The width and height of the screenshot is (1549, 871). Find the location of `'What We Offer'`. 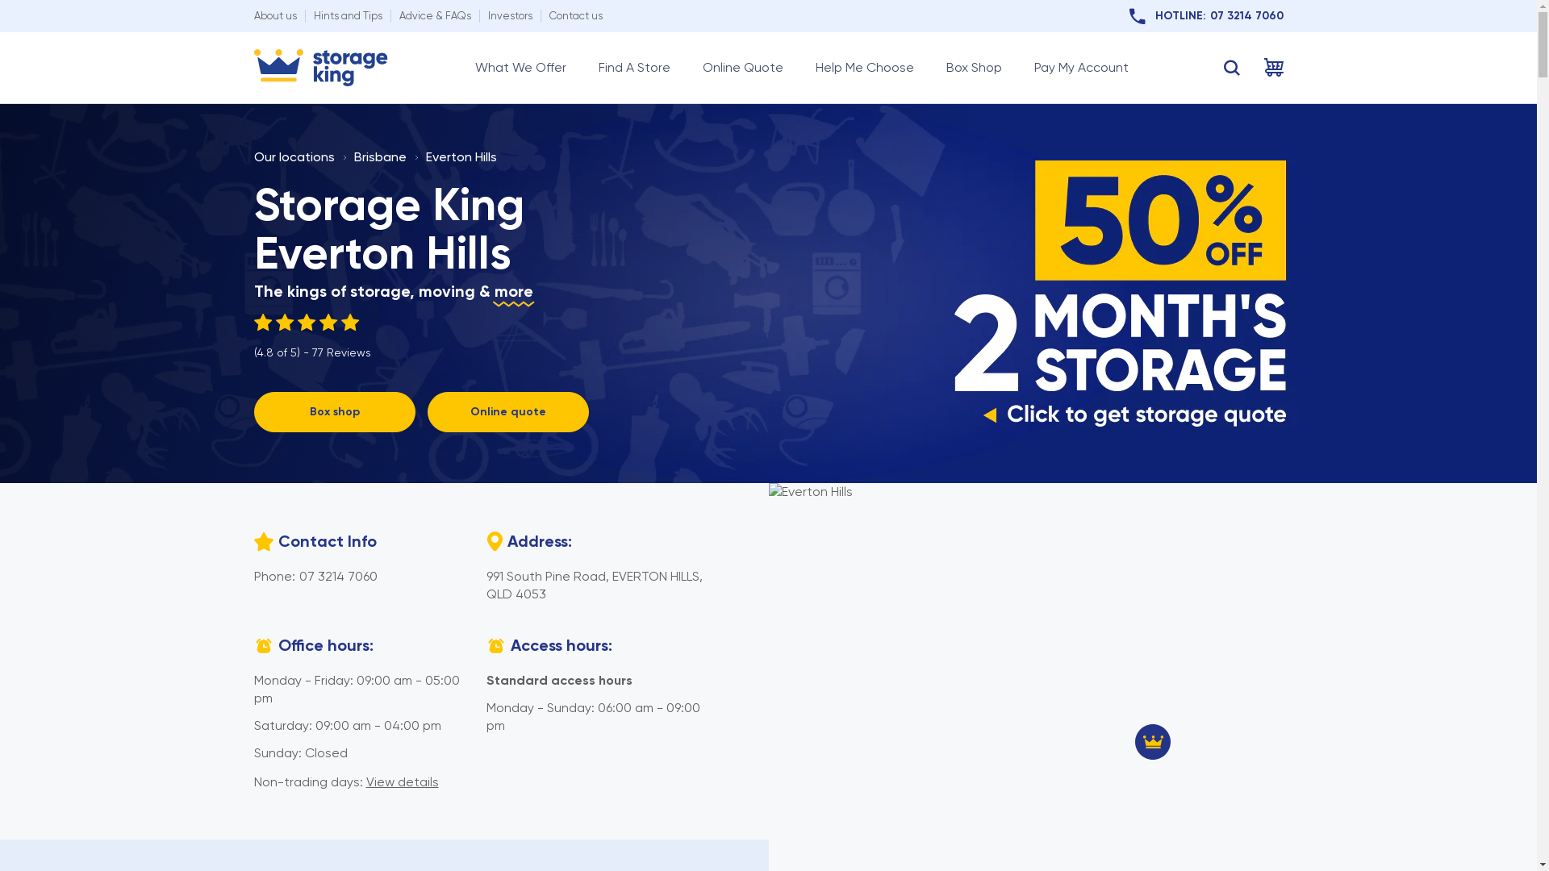

'What We Offer' is located at coordinates (474, 67).